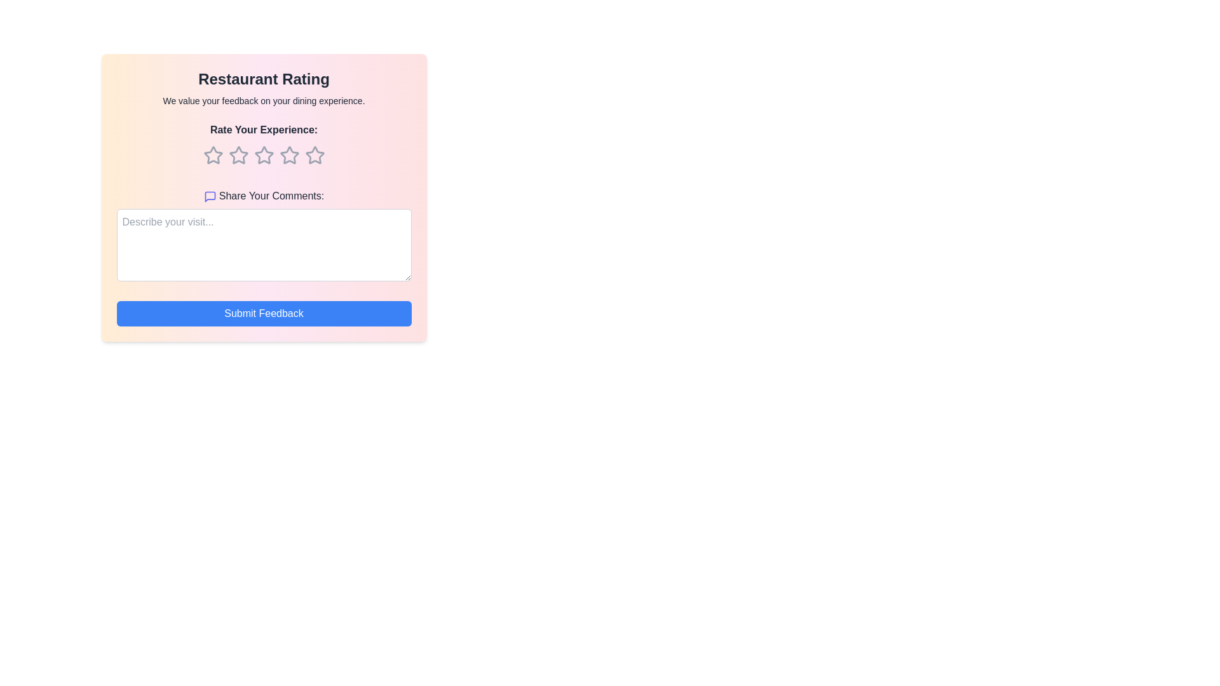 The width and height of the screenshot is (1220, 686). Describe the element at coordinates (213, 154) in the screenshot. I see `the first star-shaped icon with a gray border used for rating under the 'Rate Your Experience' label` at that location.